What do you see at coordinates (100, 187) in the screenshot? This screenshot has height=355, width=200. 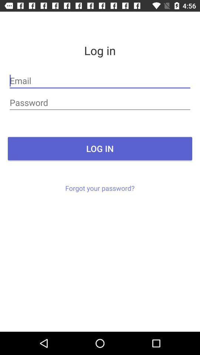 I see `item below the log in icon` at bounding box center [100, 187].